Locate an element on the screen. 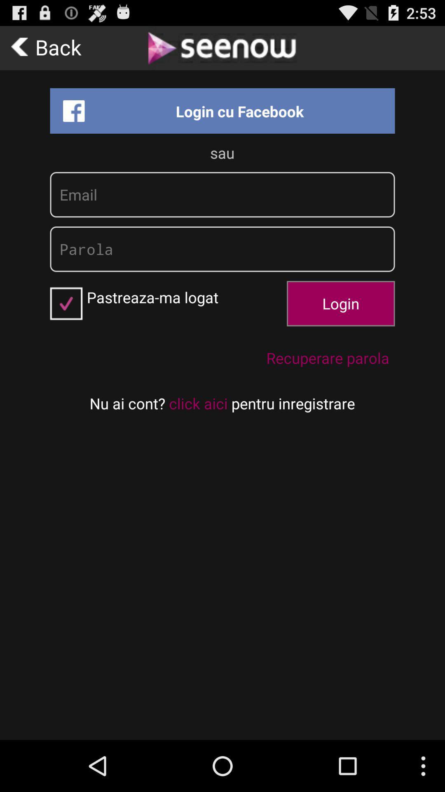 Image resolution: width=445 pixels, height=792 pixels. go back is located at coordinates (49, 47).